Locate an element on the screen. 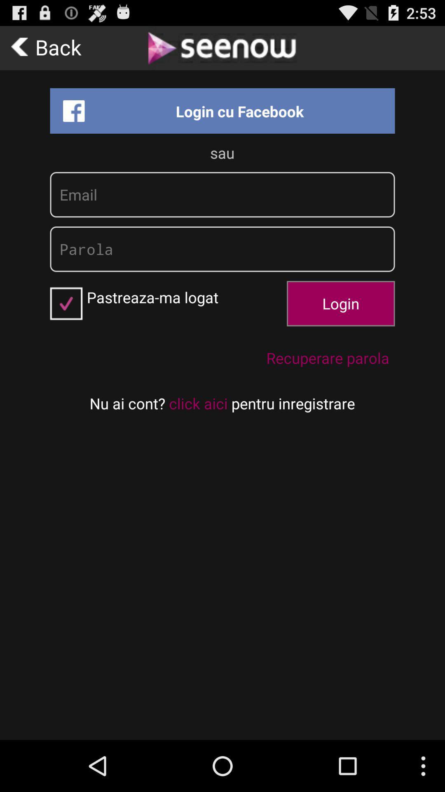 Image resolution: width=445 pixels, height=792 pixels. go back is located at coordinates (49, 47).